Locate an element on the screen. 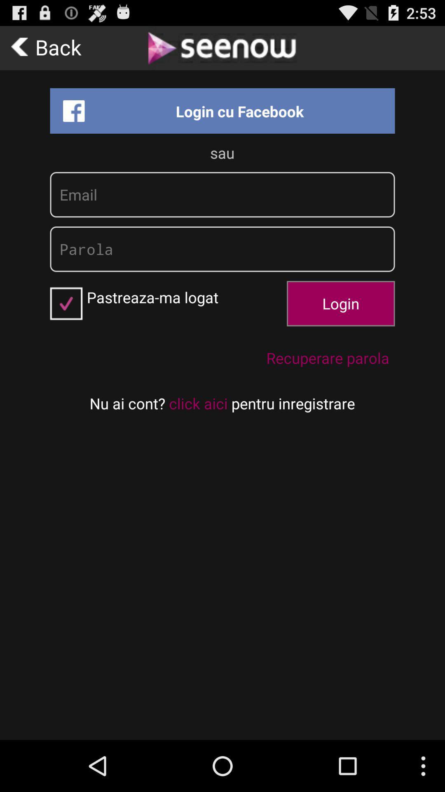 Image resolution: width=445 pixels, height=792 pixels. go back is located at coordinates (49, 47).